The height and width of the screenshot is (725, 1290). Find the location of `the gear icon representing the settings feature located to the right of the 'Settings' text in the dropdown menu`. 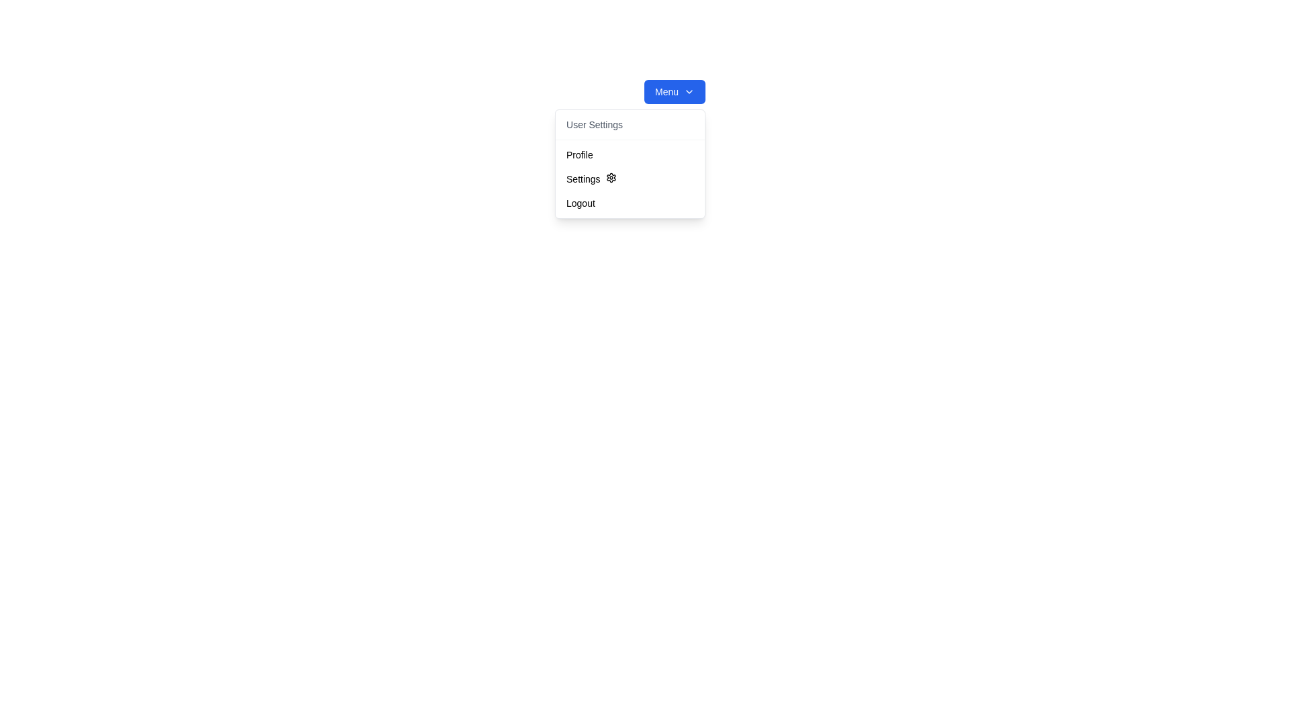

the gear icon representing the settings feature located to the right of the 'Settings' text in the dropdown menu is located at coordinates (610, 177).